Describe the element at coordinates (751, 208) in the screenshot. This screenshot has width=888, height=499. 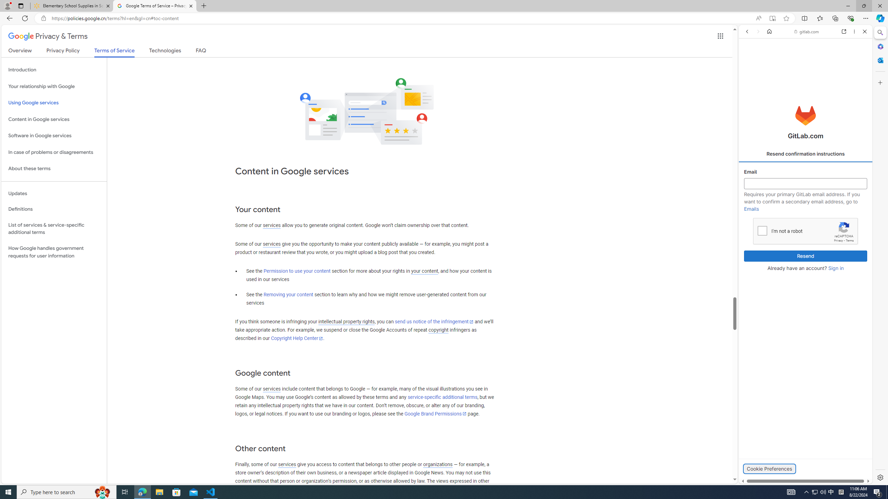
I see `'Emails'` at that location.